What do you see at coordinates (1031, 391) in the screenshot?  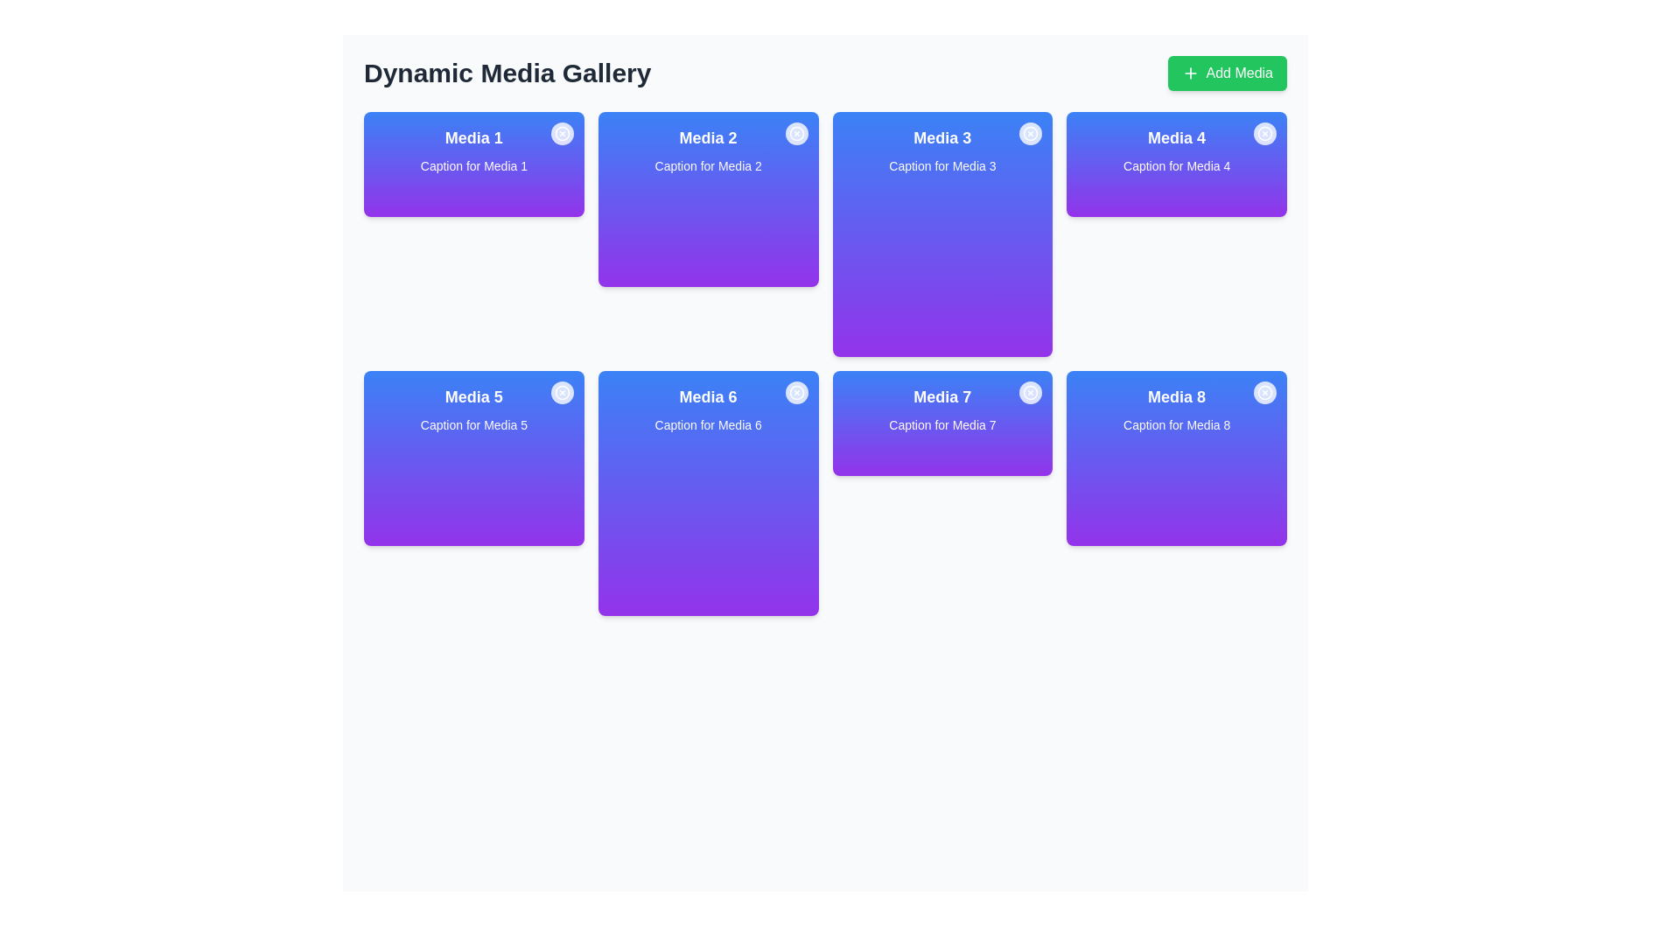 I see `the circular button with a white background and red cross icon located in the top-right corner of the 'Media 7' card` at bounding box center [1031, 391].